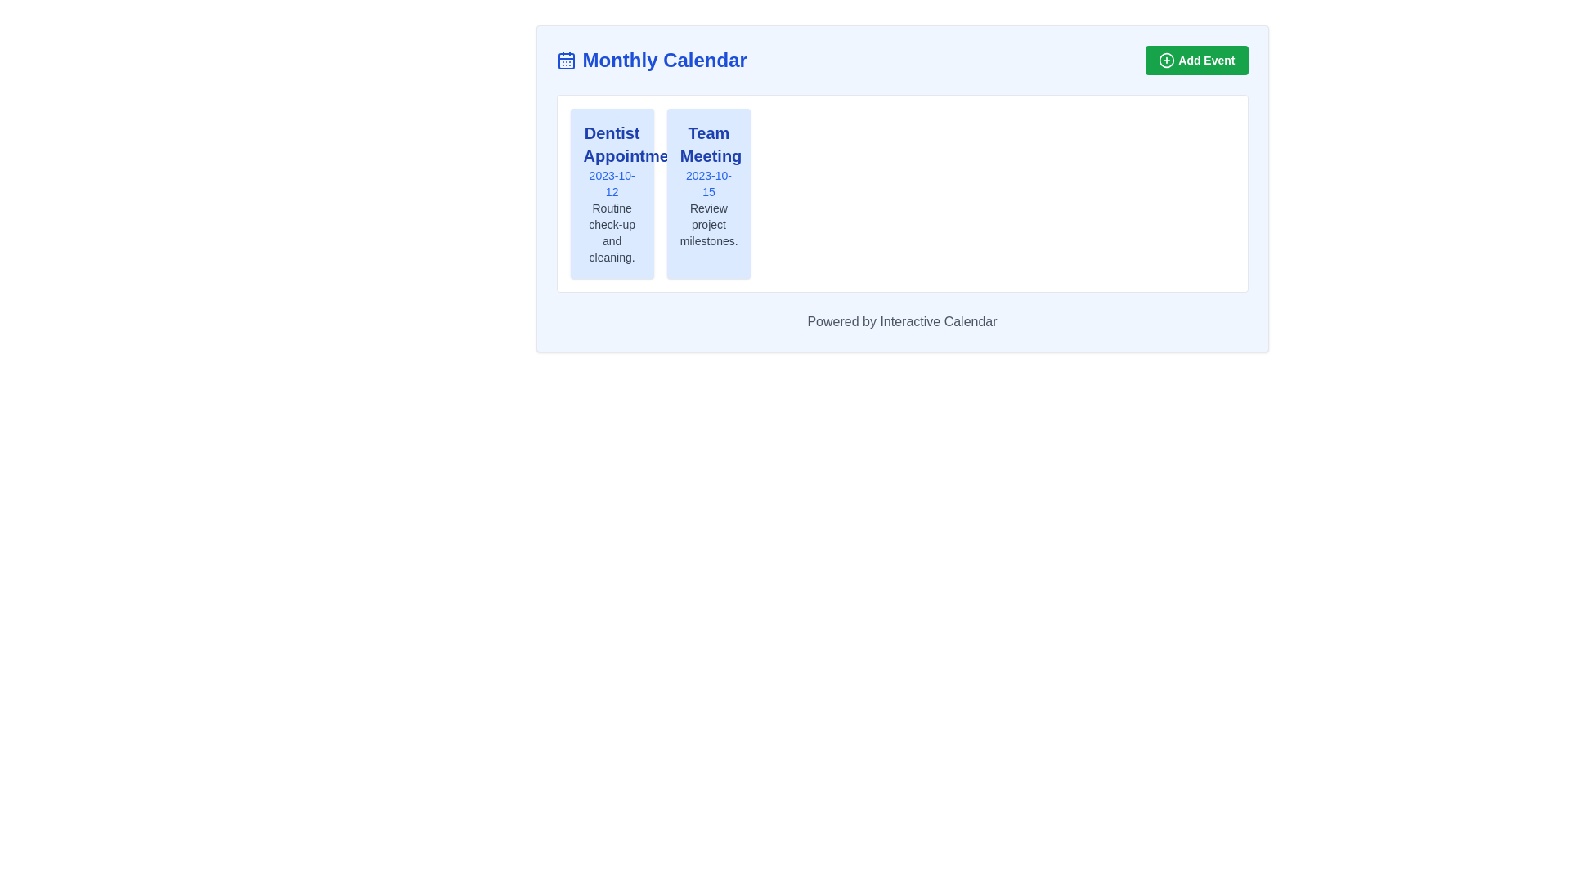 This screenshot has width=1570, height=883. What do you see at coordinates (901, 59) in the screenshot?
I see `the title 'Monthly Calendar' on the Composite component` at bounding box center [901, 59].